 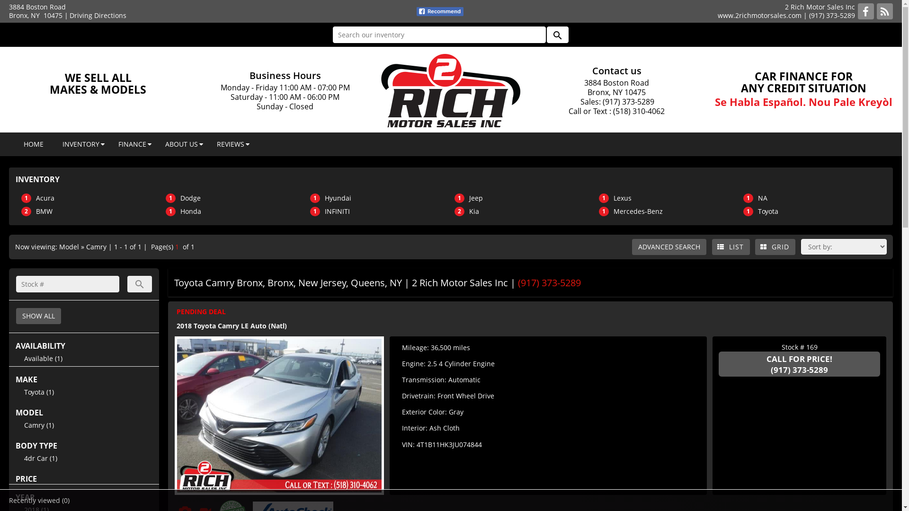 I want to click on 'WE SELL ALL, so click(x=98, y=83).